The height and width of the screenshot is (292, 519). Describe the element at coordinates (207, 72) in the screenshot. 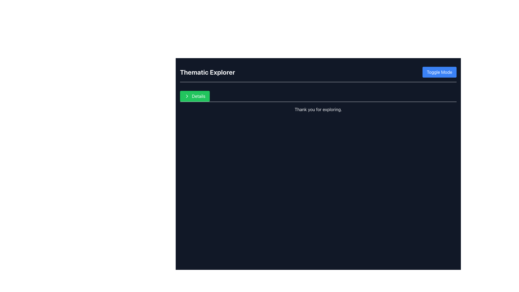

I see `the Text (Header) element located in the top navigation bar, aligned to the left side, which serves as the title of the interface` at that location.